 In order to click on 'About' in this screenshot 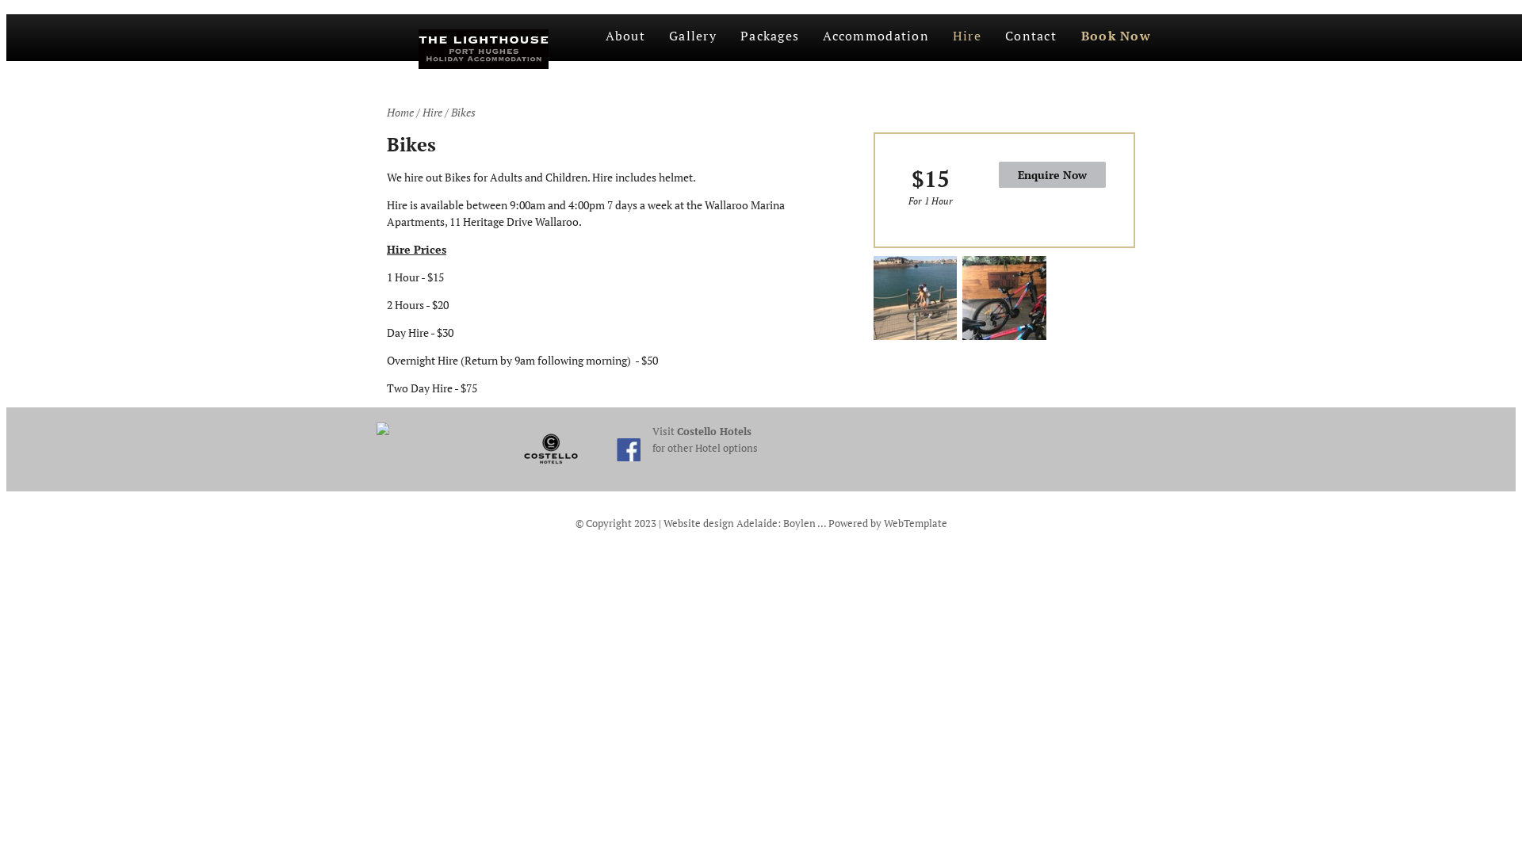, I will do `click(624, 36)`.